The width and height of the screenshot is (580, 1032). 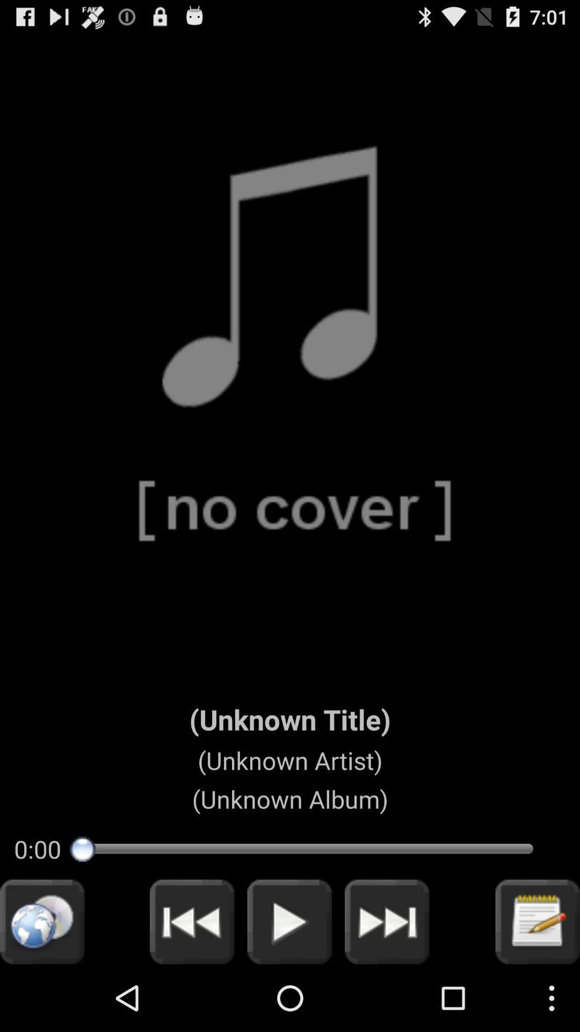 I want to click on the skip_next icon, so click(x=387, y=986).